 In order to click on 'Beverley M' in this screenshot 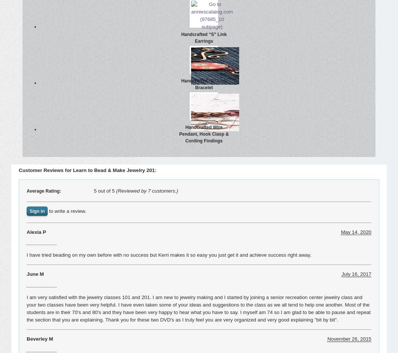, I will do `click(40, 338)`.